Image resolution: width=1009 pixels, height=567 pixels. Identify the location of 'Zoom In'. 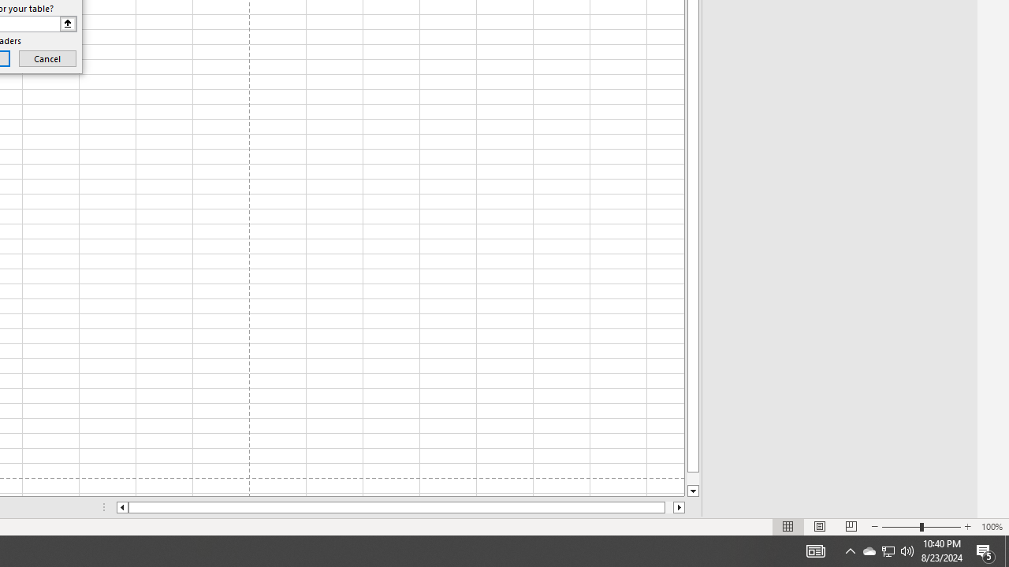
(966, 527).